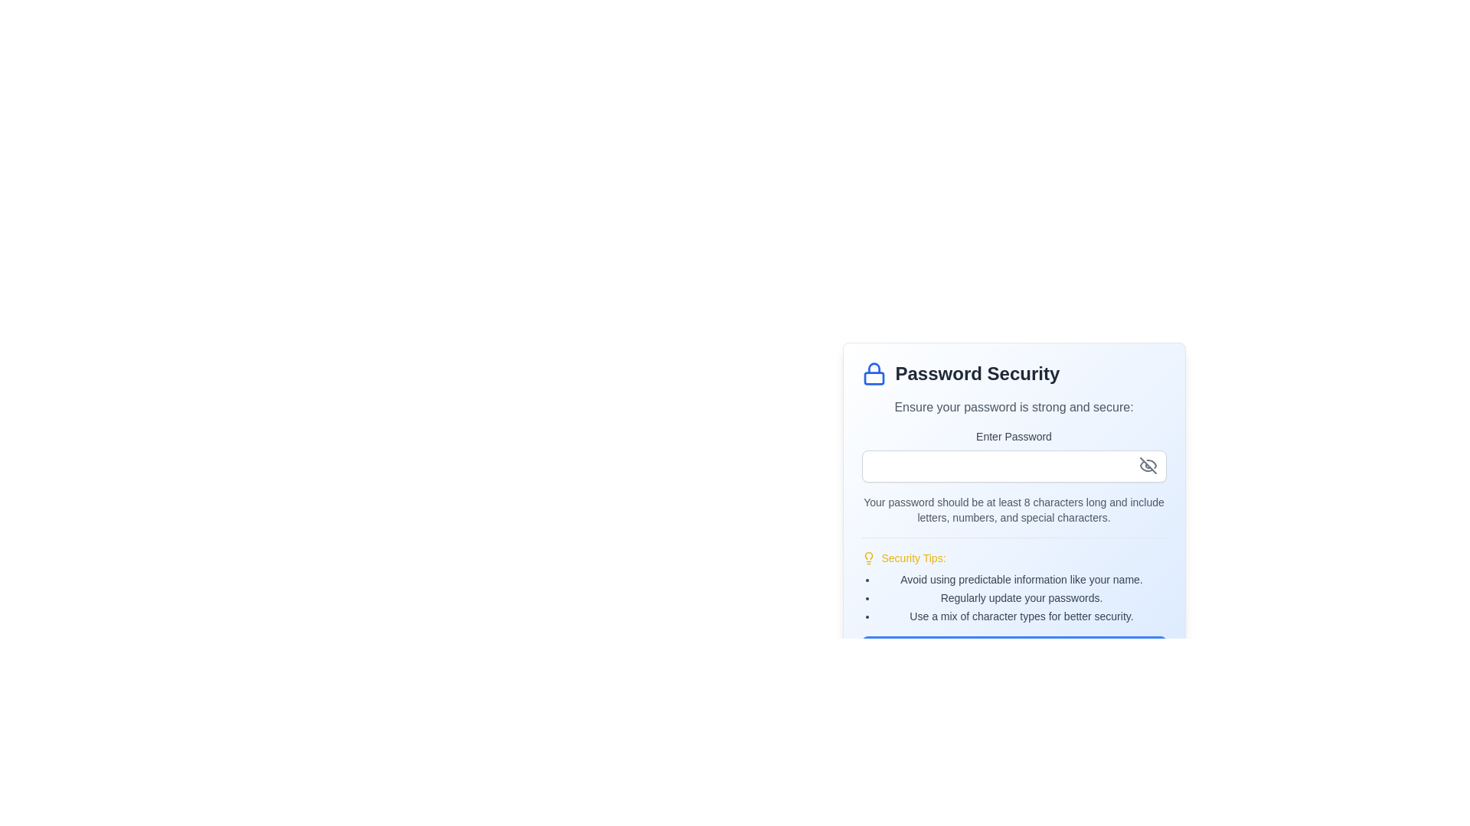  What do you see at coordinates (913, 558) in the screenshot?
I see `the text label that introduces a section of informational tips related to password security, located beneath the password entry text field` at bounding box center [913, 558].